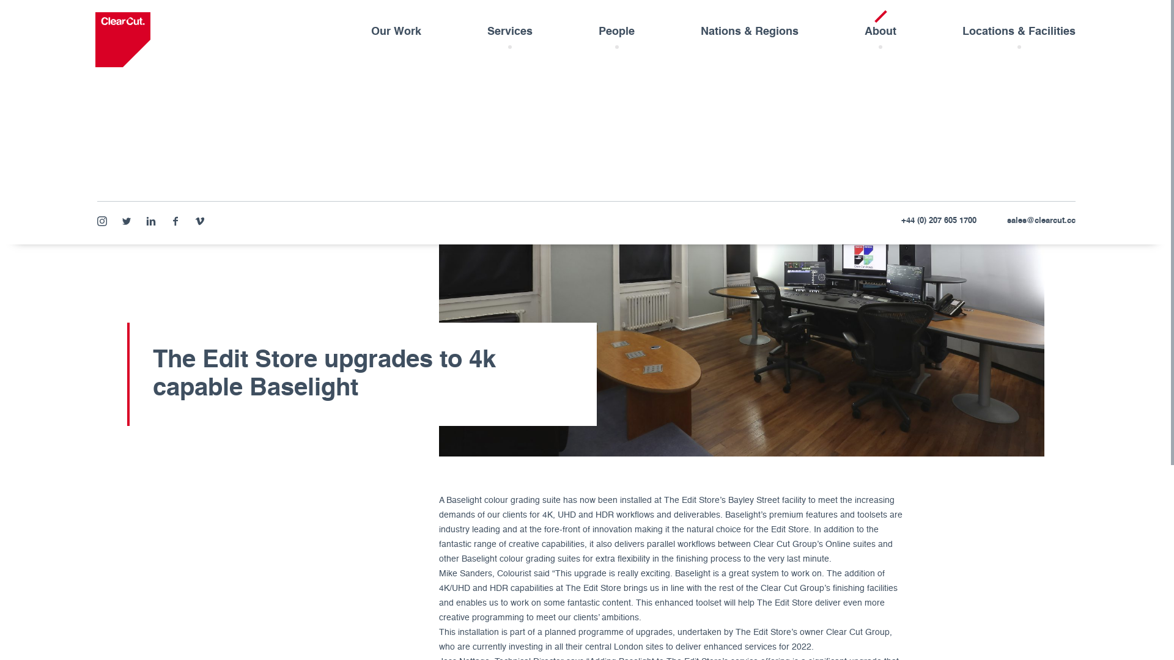  What do you see at coordinates (1019, 34) in the screenshot?
I see `'Locations & Facilities'` at bounding box center [1019, 34].